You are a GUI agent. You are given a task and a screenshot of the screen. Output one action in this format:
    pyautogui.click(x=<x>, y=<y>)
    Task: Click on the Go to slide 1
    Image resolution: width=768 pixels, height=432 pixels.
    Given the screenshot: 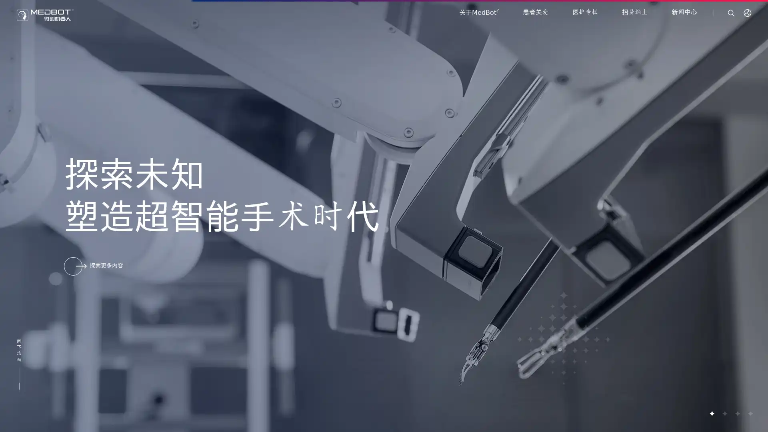 What is the action you would take?
    pyautogui.click(x=712, y=413)
    